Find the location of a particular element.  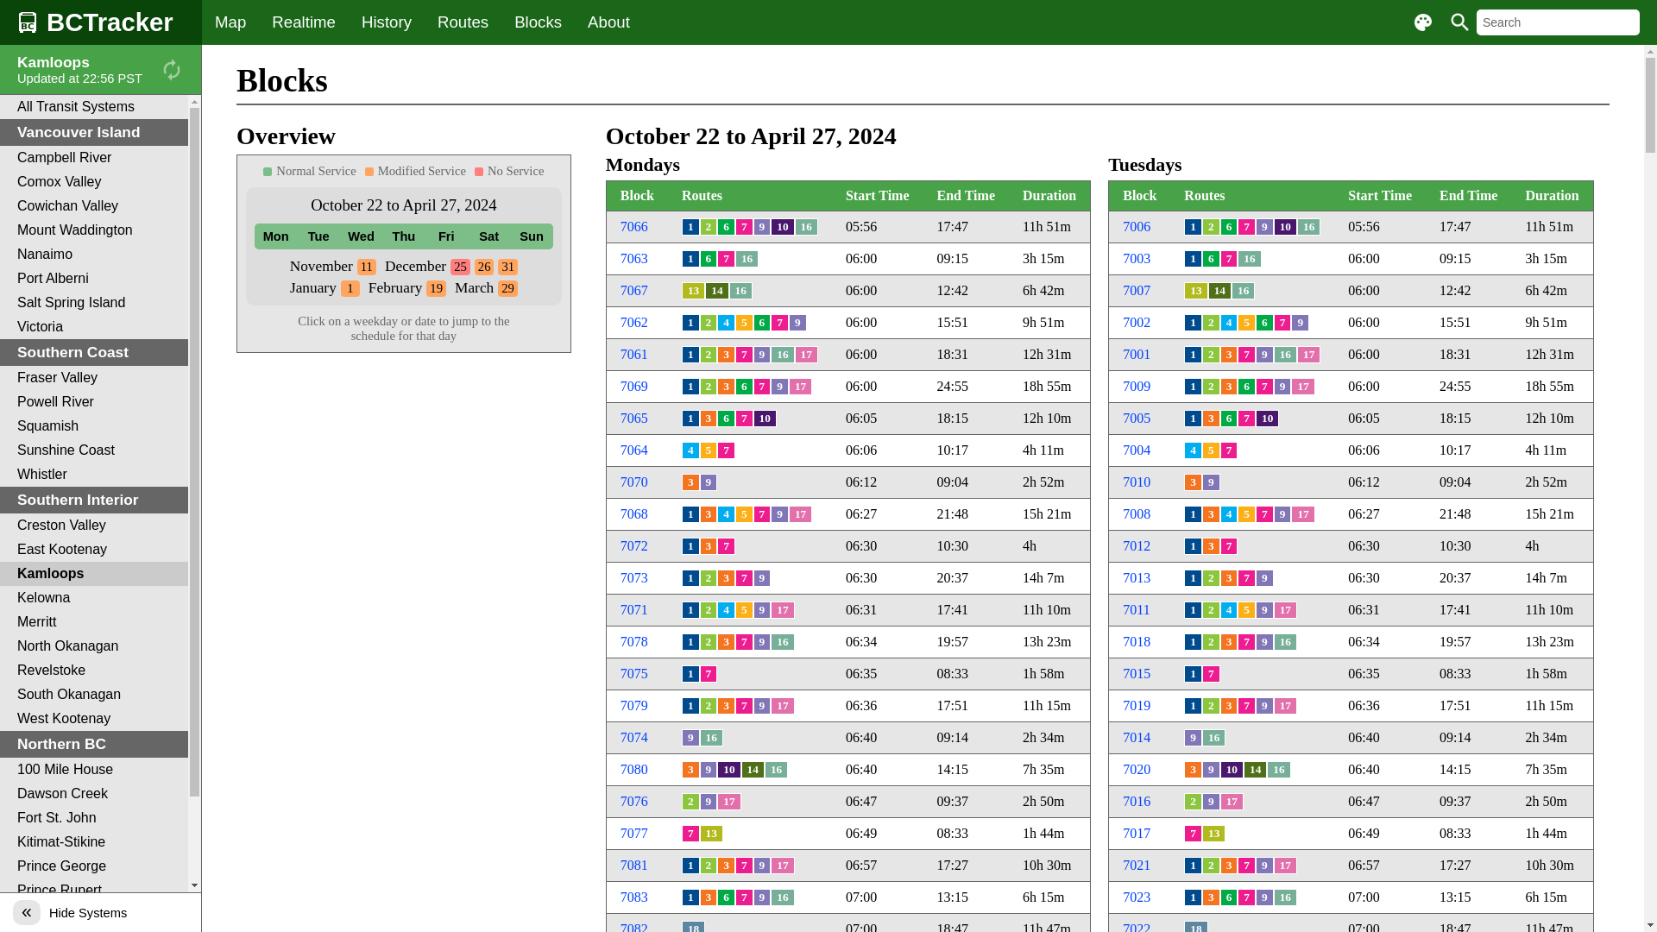

'7' is located at coordinates (1264, 513).